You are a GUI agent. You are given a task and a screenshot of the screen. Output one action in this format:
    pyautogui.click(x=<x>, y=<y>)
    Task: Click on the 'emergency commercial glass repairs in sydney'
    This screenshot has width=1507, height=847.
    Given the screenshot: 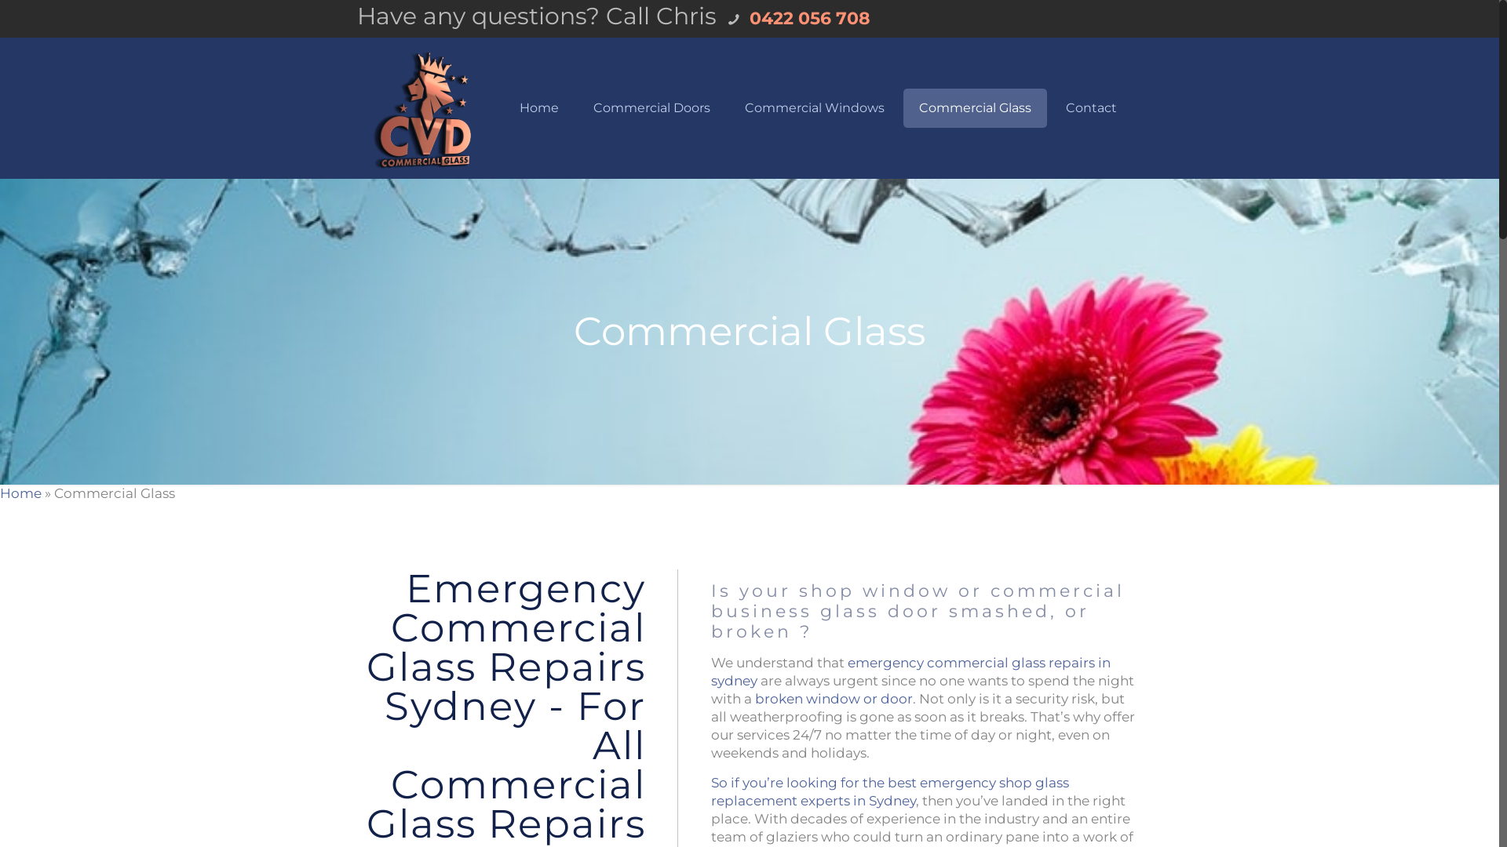 What is the action you would take?
    pyautogui.click(x=910, y=671)
    